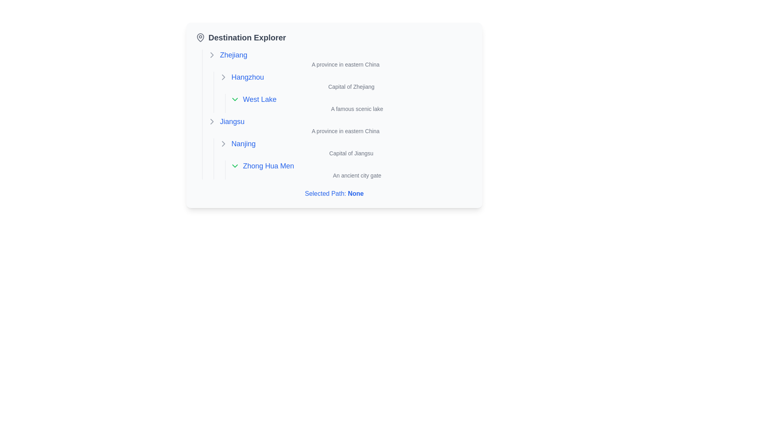 This screenshot has height=428, width=761. I want to click on the expandable/collapsible icon to the left of 'Zhong Hua Men' in the Nanjing list item to focus on it, so click(235, 166).